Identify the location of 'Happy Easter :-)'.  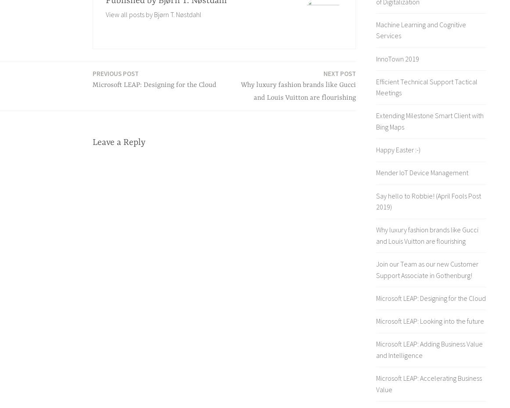
(398, 150).